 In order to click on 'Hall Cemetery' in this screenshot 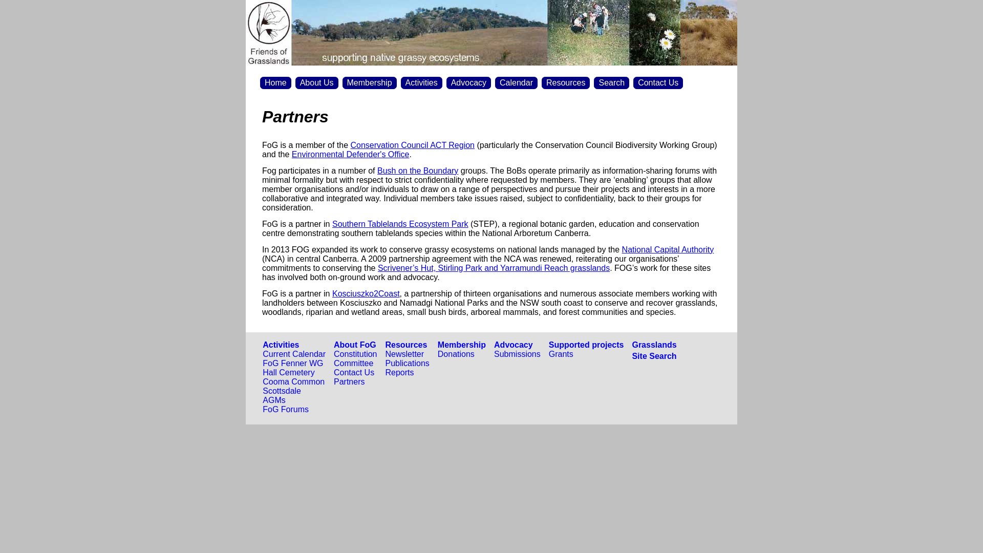, I will do `click(288, 372)`.